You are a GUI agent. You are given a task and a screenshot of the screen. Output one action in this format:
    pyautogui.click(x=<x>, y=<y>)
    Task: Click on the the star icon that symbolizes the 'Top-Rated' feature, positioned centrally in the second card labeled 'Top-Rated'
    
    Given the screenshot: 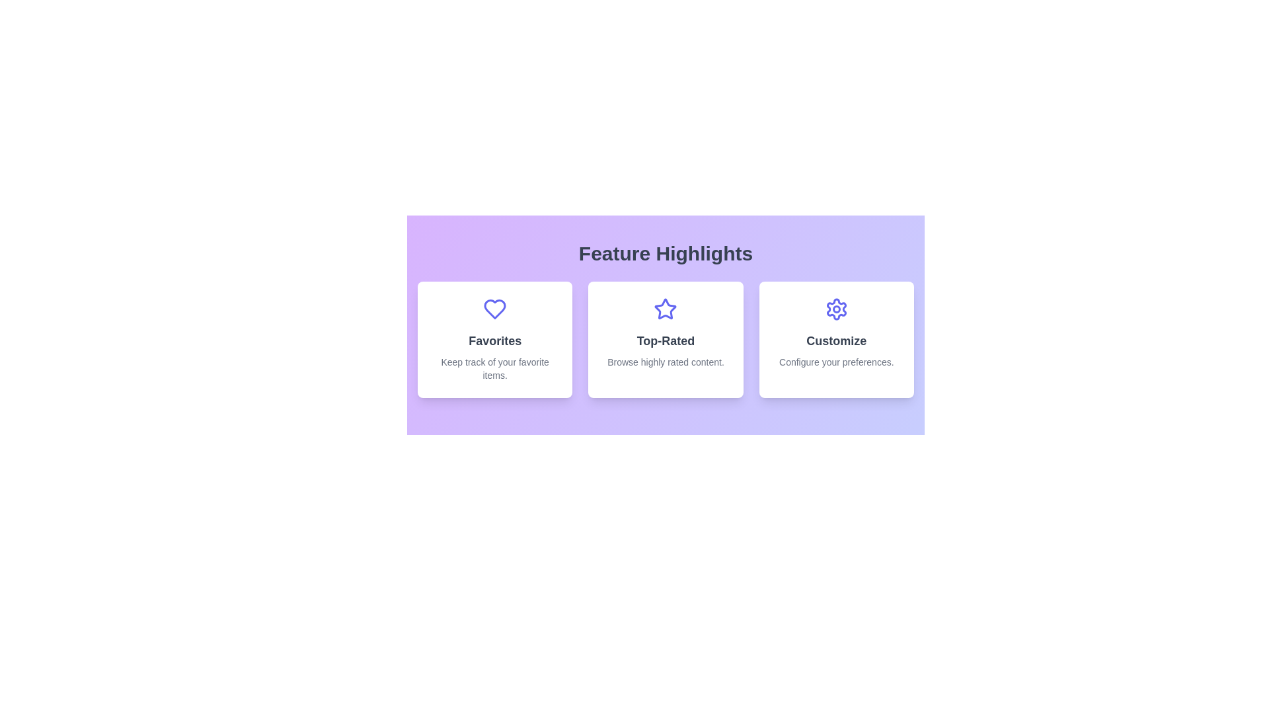 What is the action you would take?
    pyautogui.click(x=666, y=309)
    